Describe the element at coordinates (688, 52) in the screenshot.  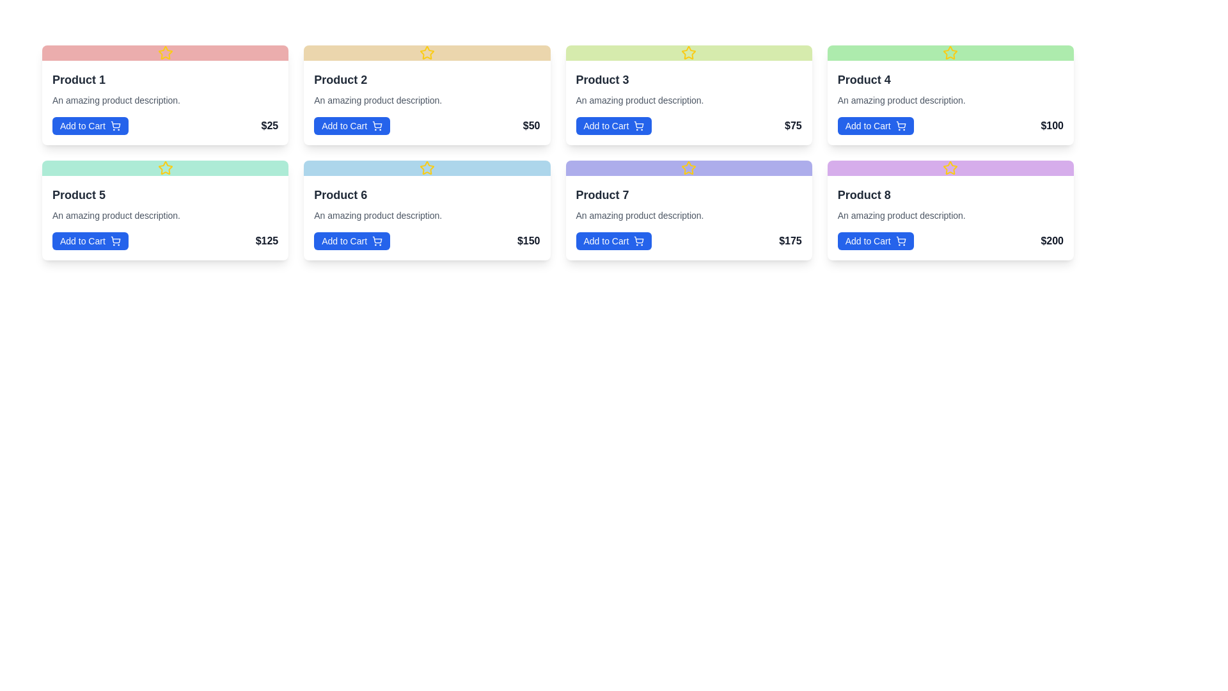
I see `the star icon with a yellow outline located in the center top of the light green header section of the third product card` at that location.